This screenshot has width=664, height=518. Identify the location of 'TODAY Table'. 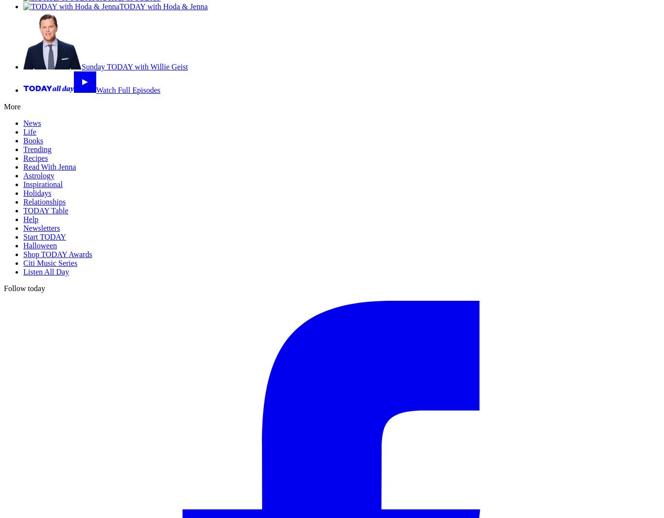
(45, 210).